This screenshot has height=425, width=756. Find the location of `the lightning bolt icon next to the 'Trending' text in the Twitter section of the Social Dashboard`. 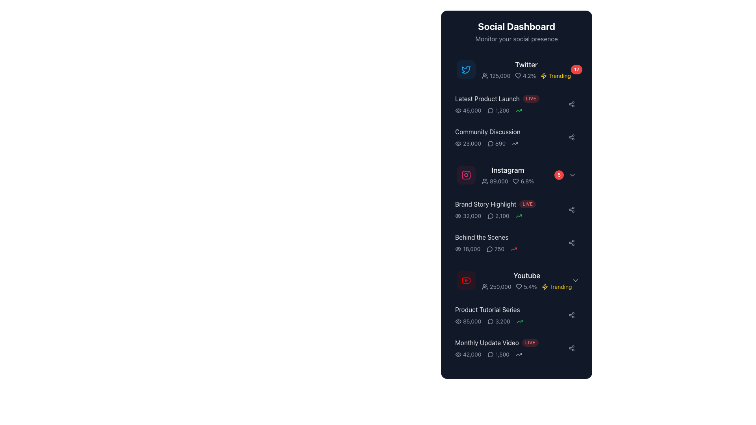

the lightning bolt icon next to the 'Trending' text in the Twitter section of the Social Dashboard is located at coordinates (543, 76).